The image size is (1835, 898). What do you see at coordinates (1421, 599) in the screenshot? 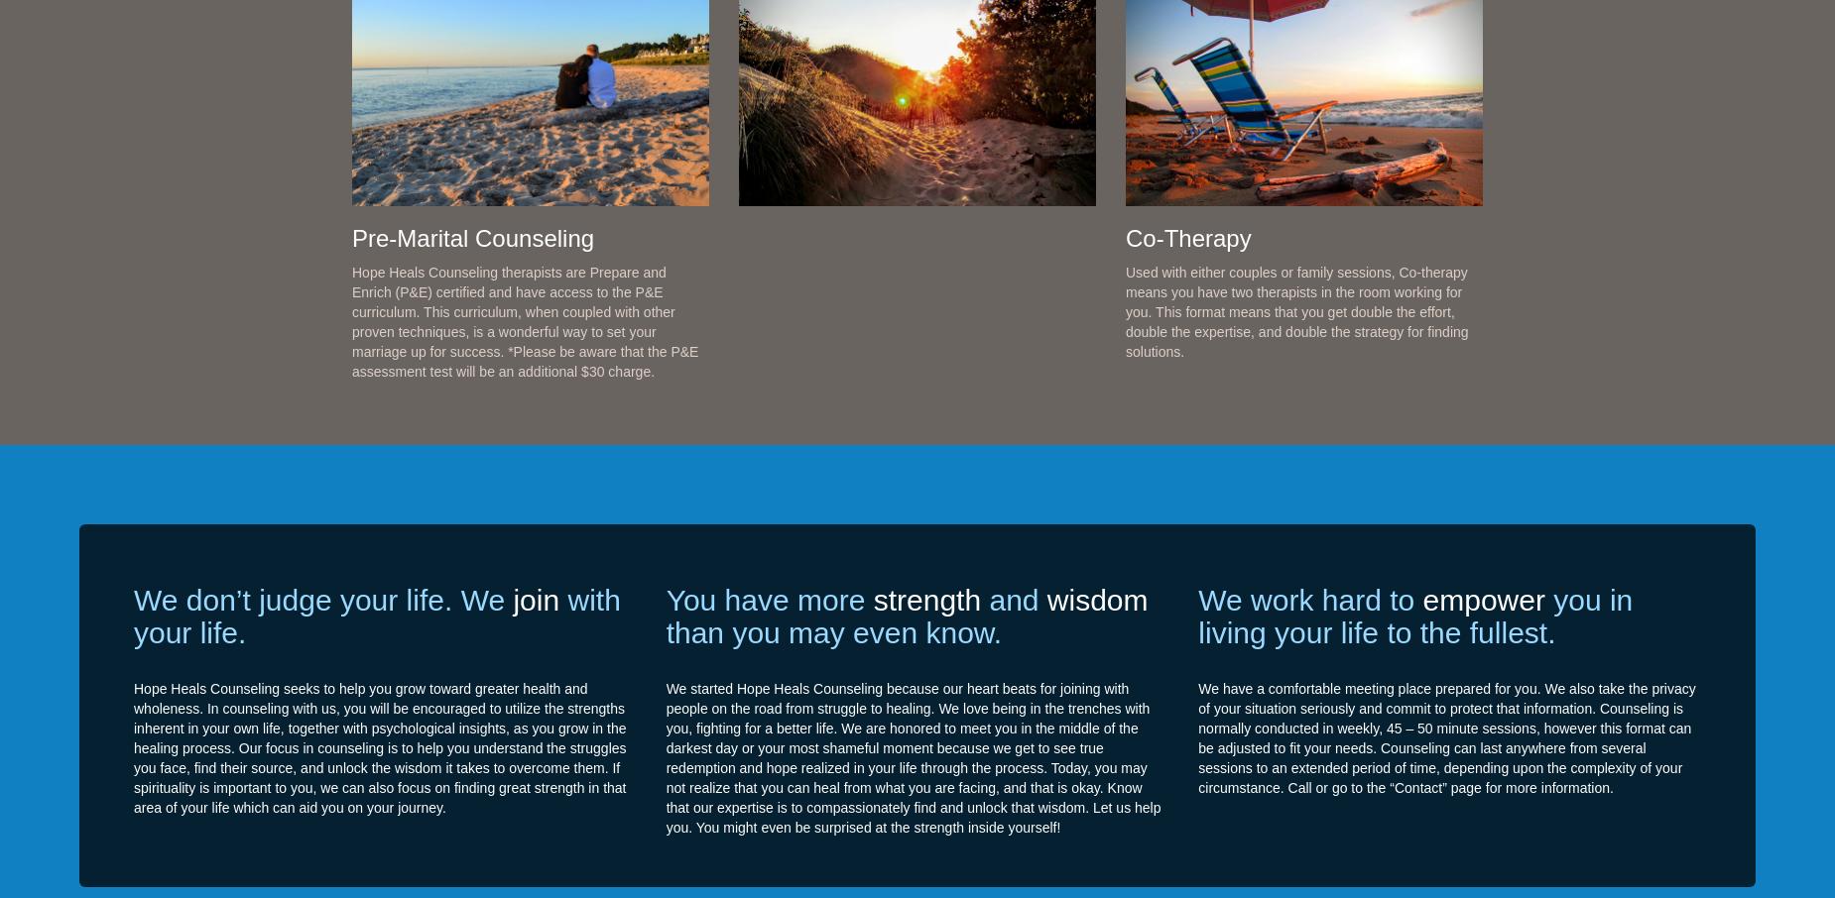
I see `'empower'` at bounding box center [1421, 599].